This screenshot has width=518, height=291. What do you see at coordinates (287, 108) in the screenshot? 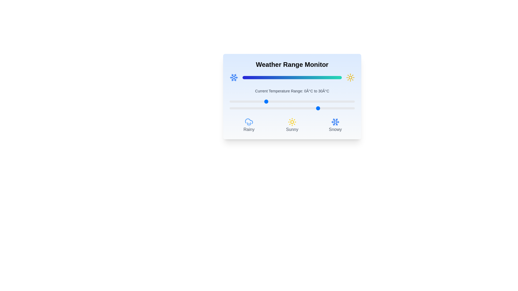
I see `temperature` at bounding box center [287, 108].